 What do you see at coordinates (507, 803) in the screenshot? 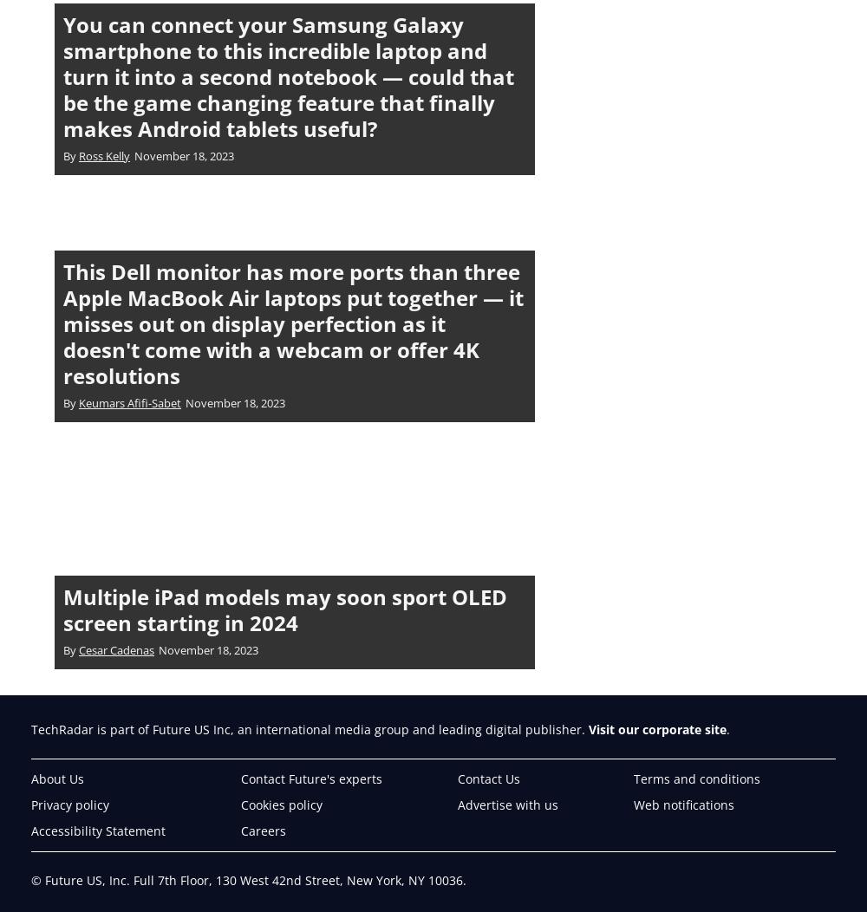
I see `'Advertise with us'` at bounding box center [507, 803].